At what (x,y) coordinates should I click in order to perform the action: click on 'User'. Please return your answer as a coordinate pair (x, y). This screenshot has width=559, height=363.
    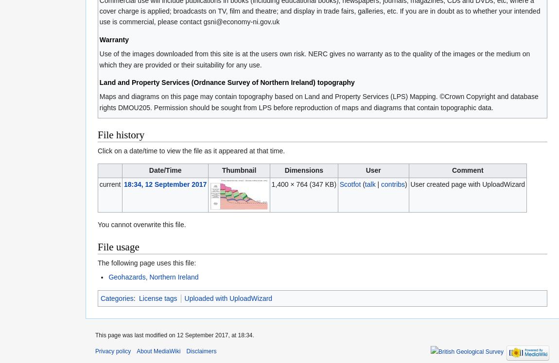
    Looking at the image, I should click on (372, 170).